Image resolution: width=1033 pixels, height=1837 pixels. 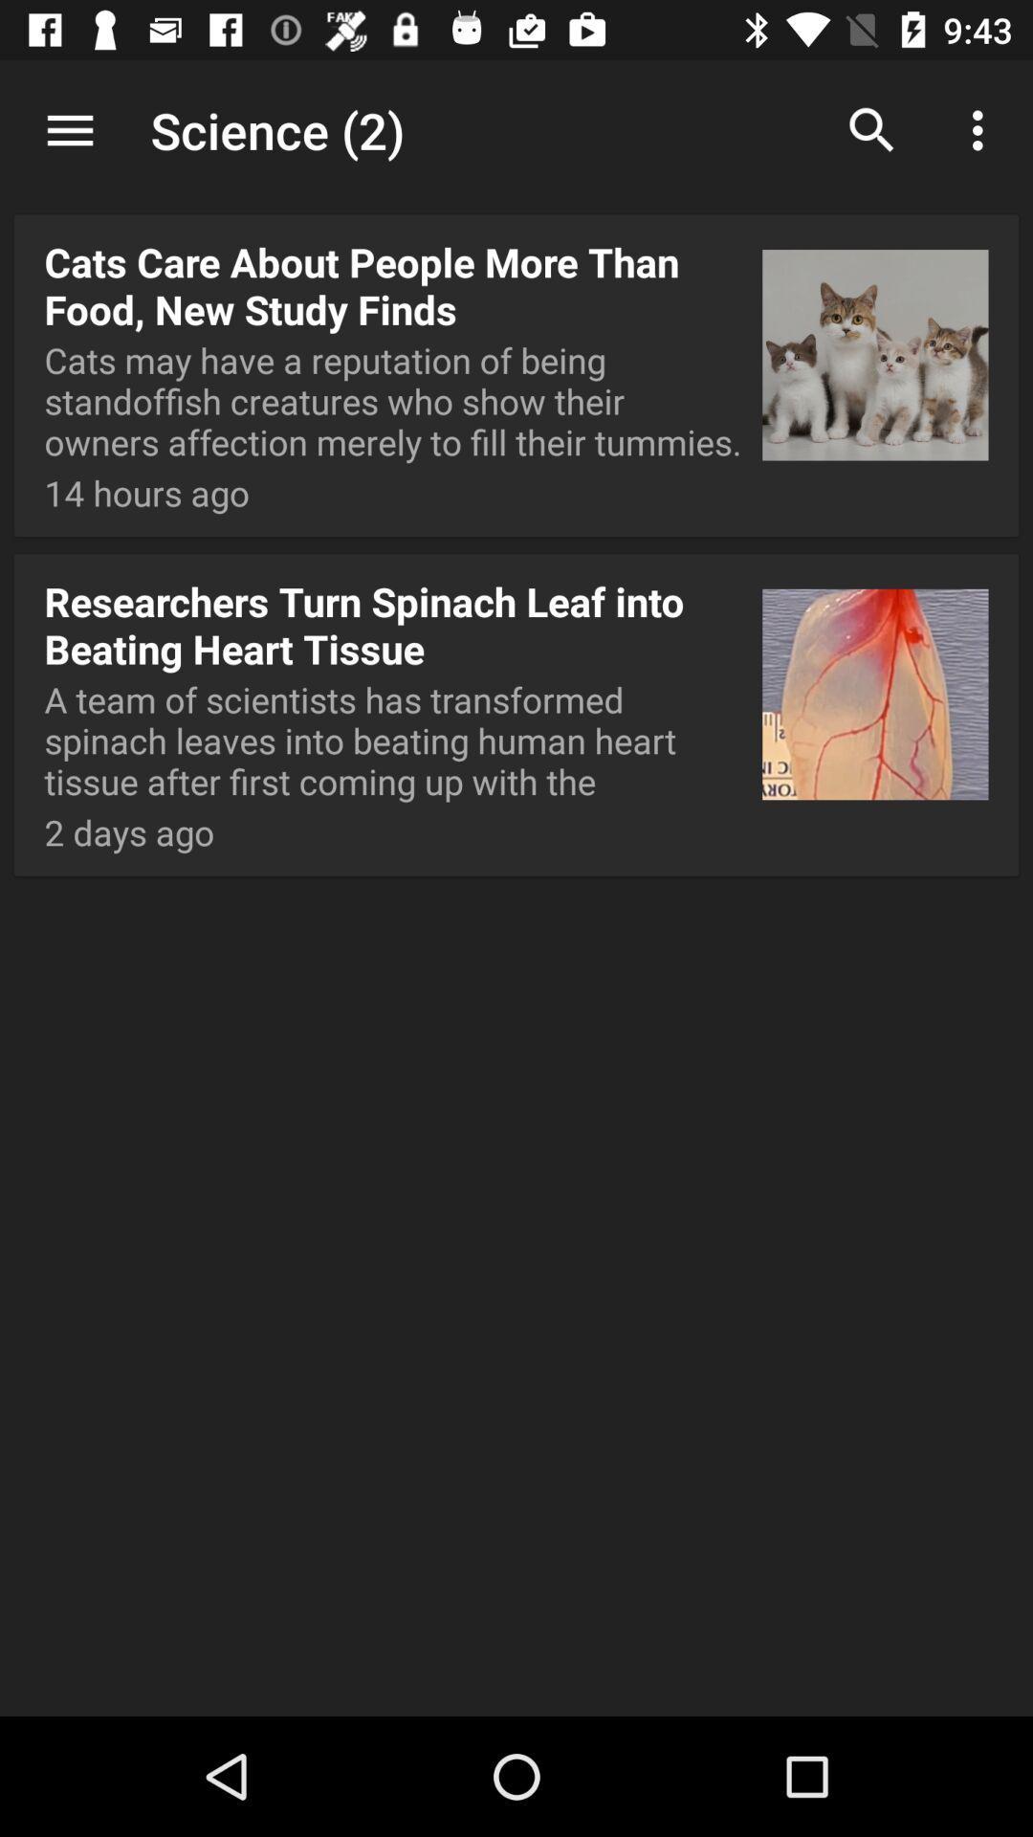 What do you see at coordinates (69, 129) in the screenshot?
I see `item above cats care about item` at bounding box center [69, 129].